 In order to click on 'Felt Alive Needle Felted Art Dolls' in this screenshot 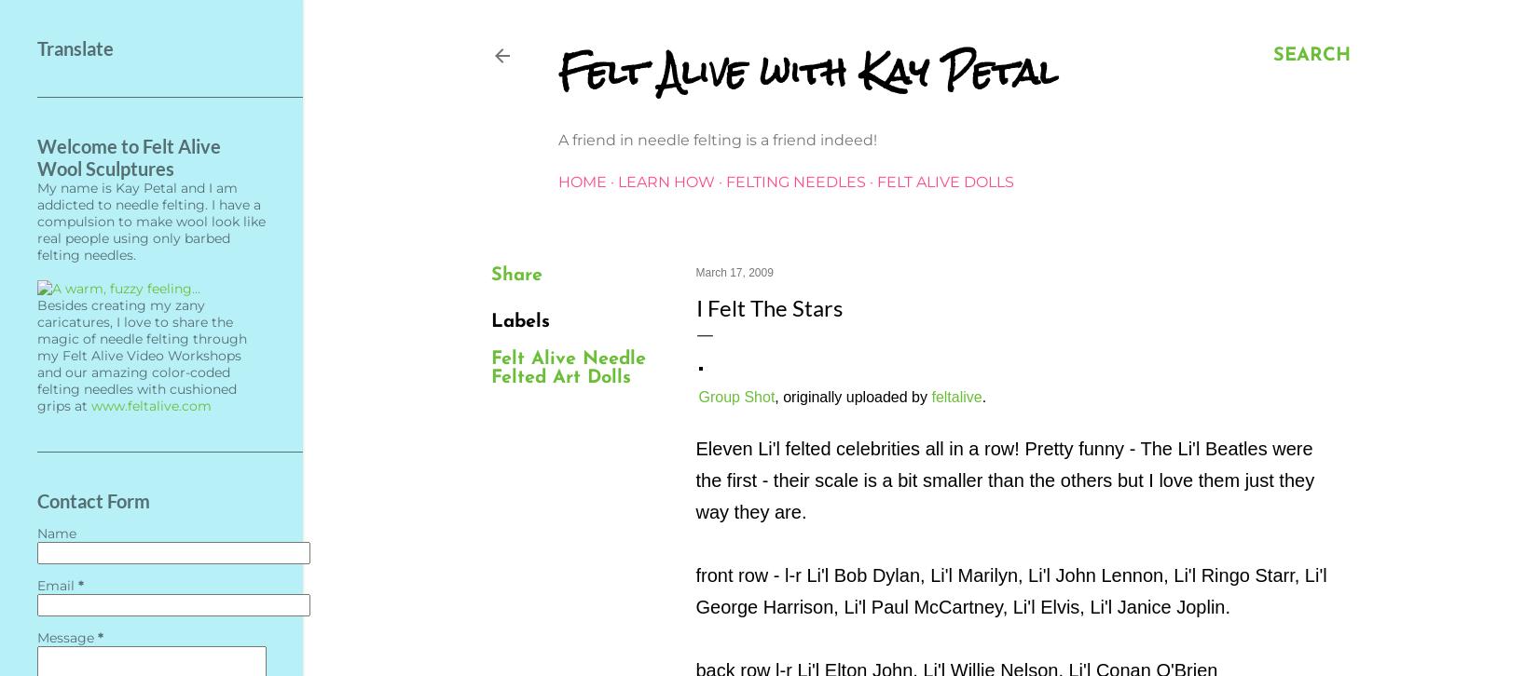, I will do `click(567, 369)`.